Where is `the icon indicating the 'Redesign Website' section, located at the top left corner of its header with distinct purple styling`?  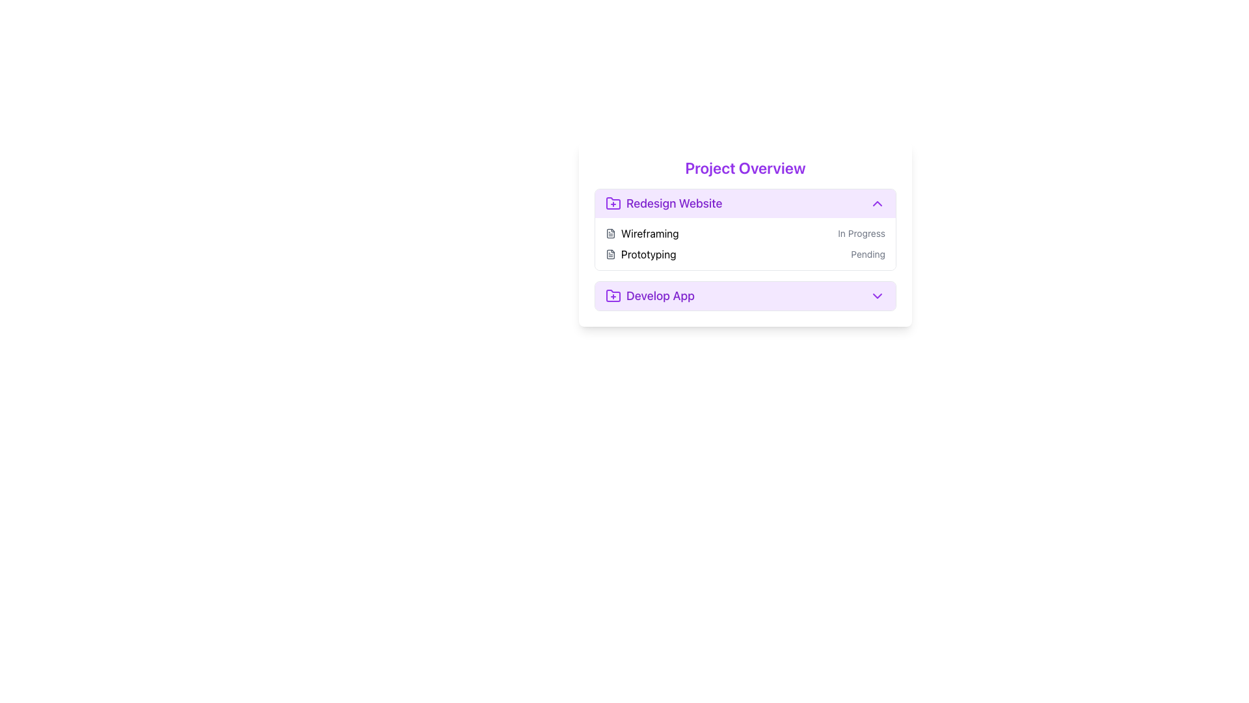
the icon indicating the 'Redesign Website' section, located at the top left corner of its header with distinct purple styling is located at coordinates (612, 203).